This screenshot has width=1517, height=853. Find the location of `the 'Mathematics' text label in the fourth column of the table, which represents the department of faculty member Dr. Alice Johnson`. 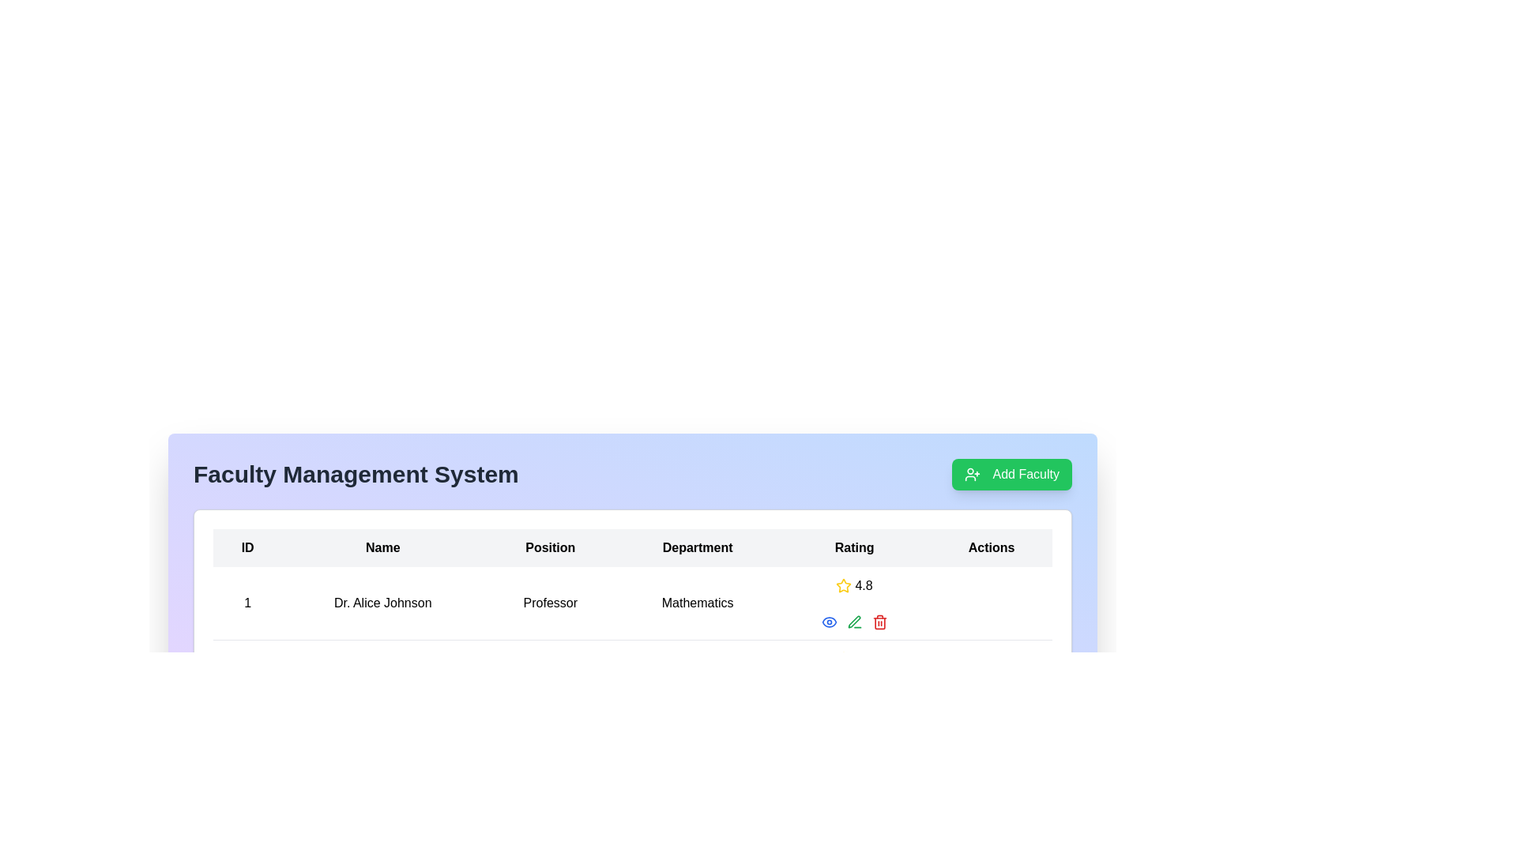

the 'Mathematics' text label in the fourth column of the table, which represents the department of faculty member Dr. Alice Johnson is located at coordinates (697, 603).